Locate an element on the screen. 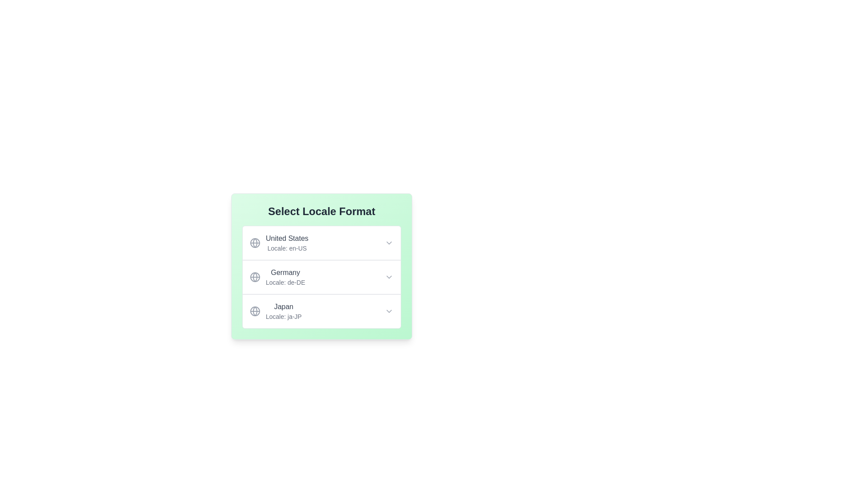 This screenshot has width=852, height=479. the Text Label displaying 'Germany' that is part of a vertical list of locale options, located within a green-background panel labeled 'Select Locale Format' is located at coordinates (285, 276).